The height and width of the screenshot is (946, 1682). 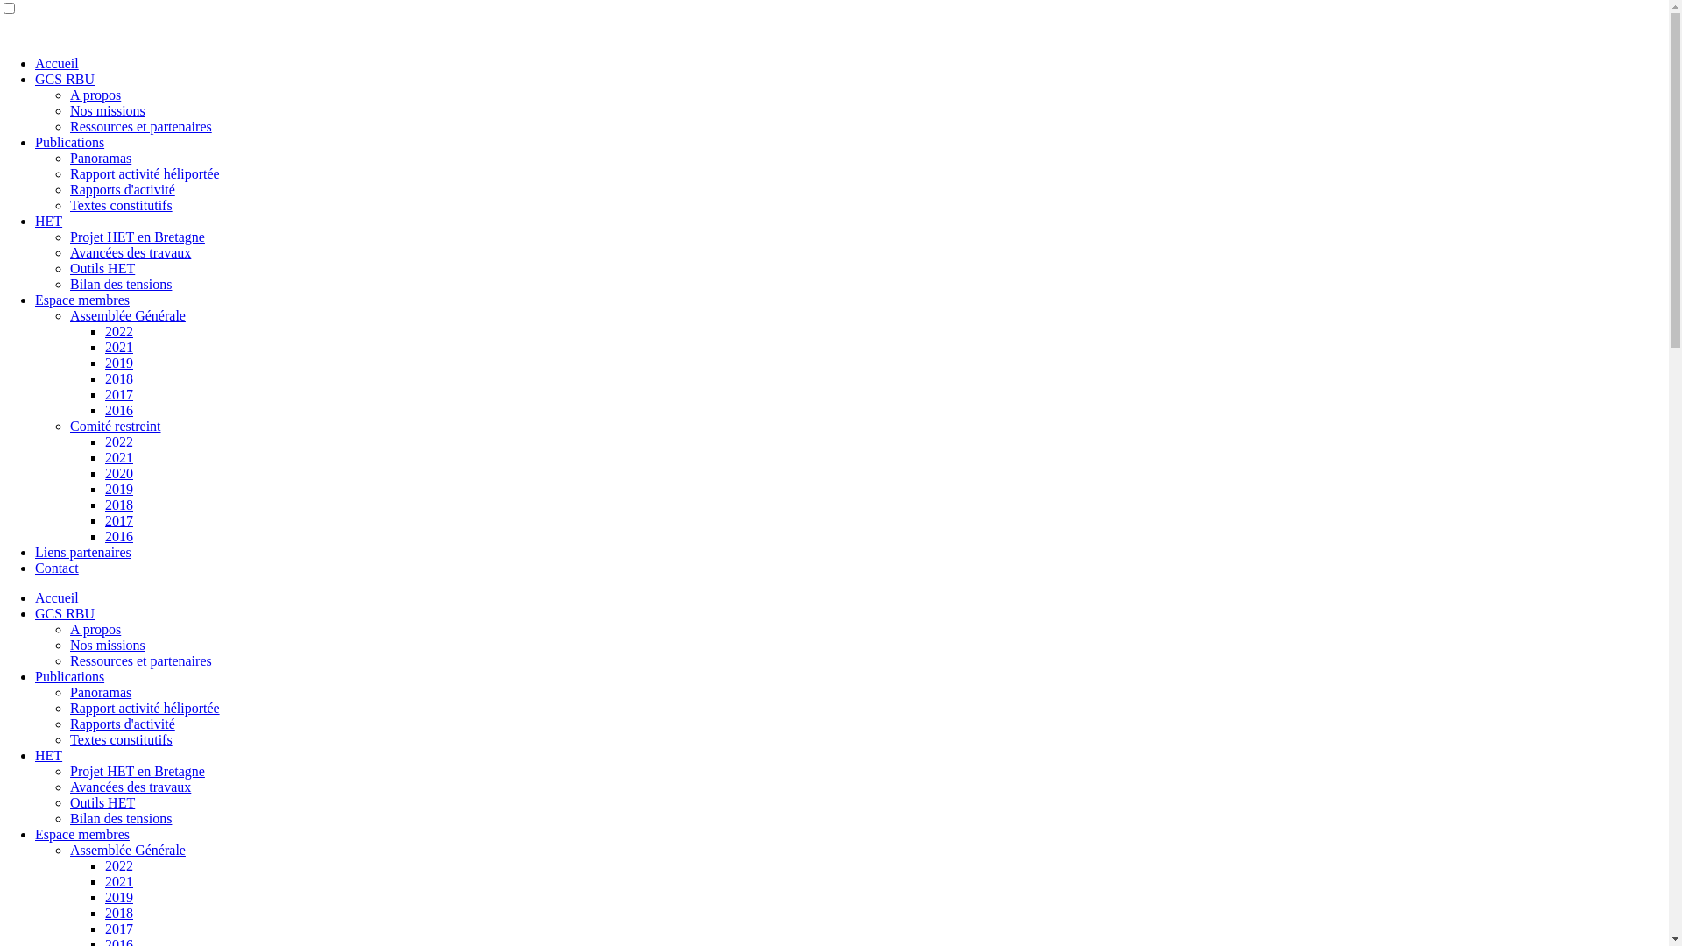 What do you see at coordinates (117, 865) in the screenshot?
I see `'2022'` at bounding box center [117, 865].